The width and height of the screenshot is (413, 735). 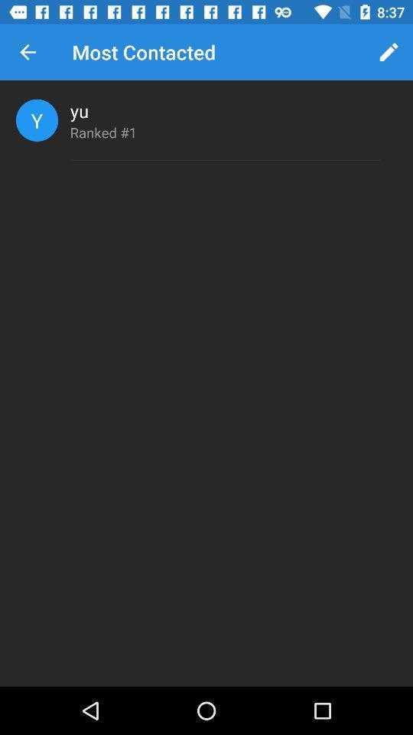 I want to click on item to the left of the yu, so click(x=37, y=119).